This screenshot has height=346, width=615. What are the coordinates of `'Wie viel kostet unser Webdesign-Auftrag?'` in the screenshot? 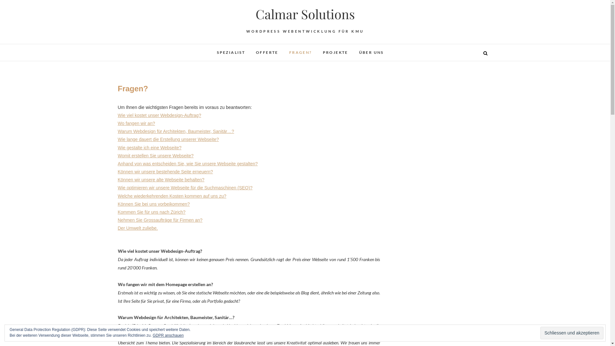 It's located at (160, 115).